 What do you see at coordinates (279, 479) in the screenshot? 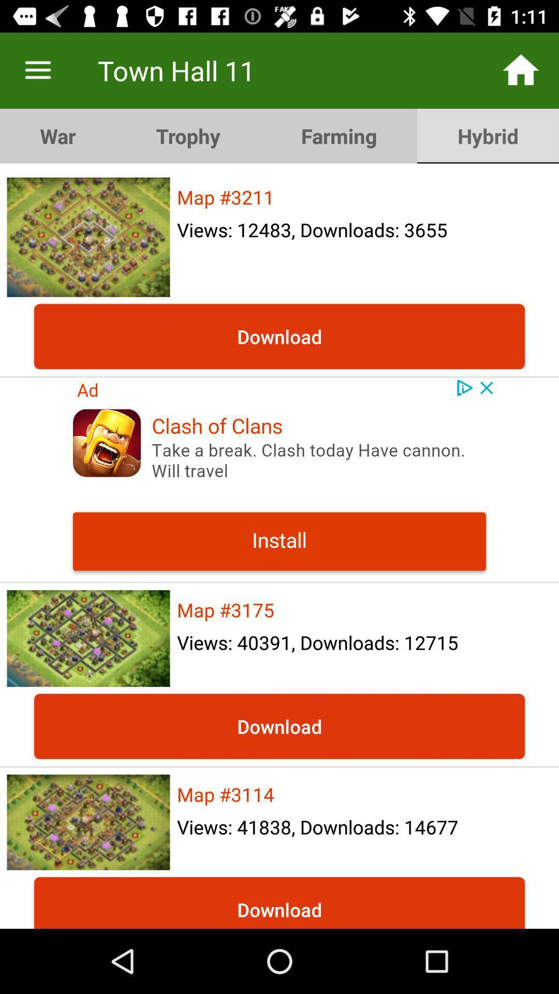
I see `click advertisement` at bounding box center [279, 479].